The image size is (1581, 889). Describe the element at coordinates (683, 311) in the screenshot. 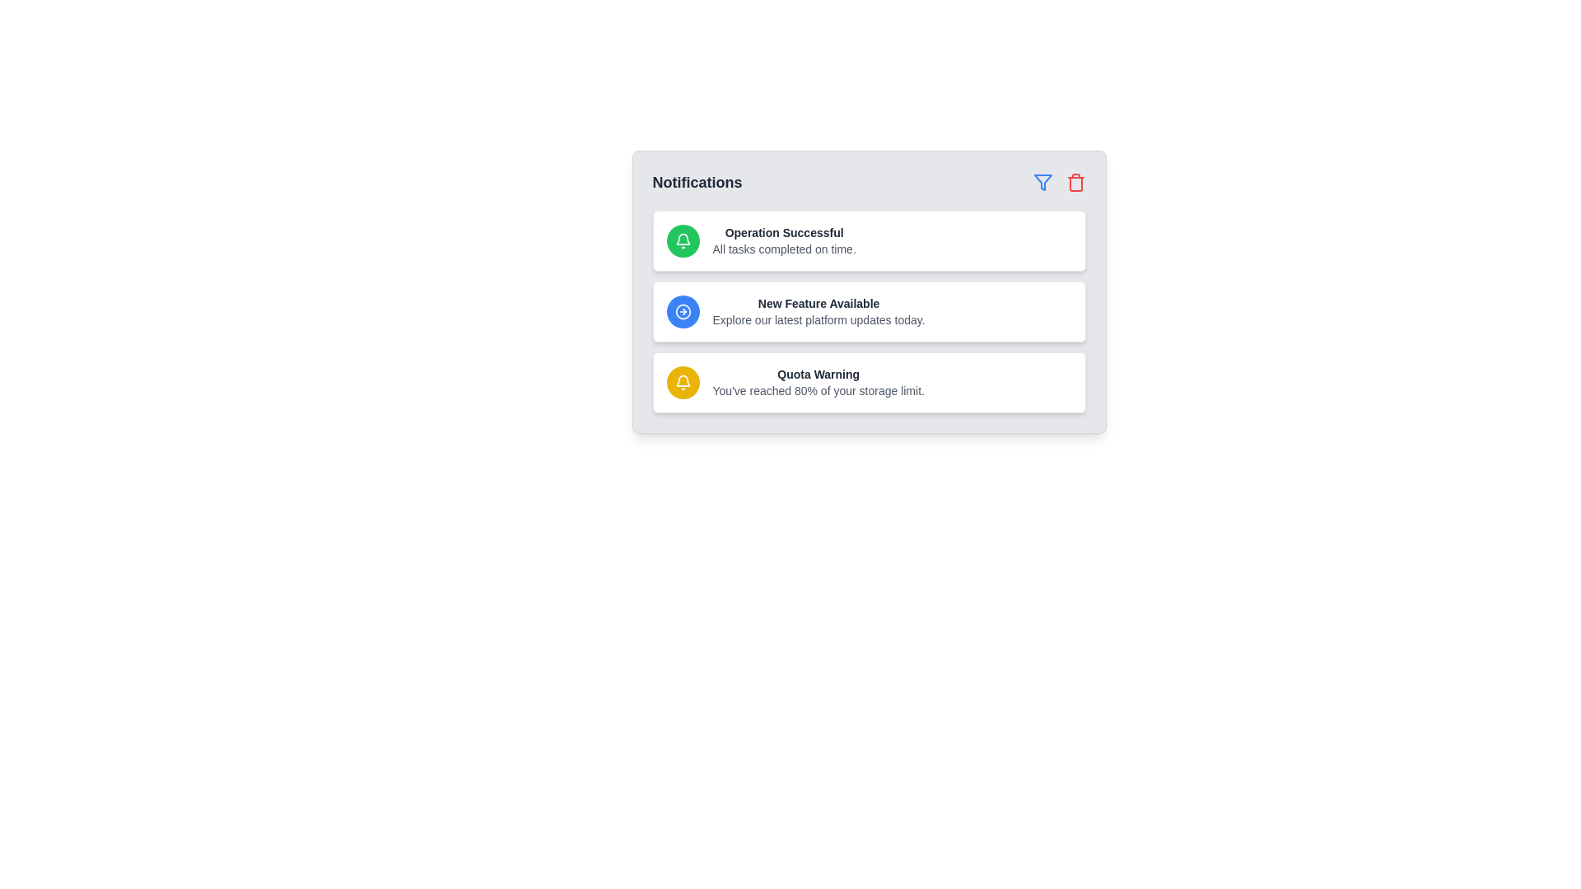

I see `the graphical icon component located in the notification panel of the 'New Feature Available' notification` at that location.